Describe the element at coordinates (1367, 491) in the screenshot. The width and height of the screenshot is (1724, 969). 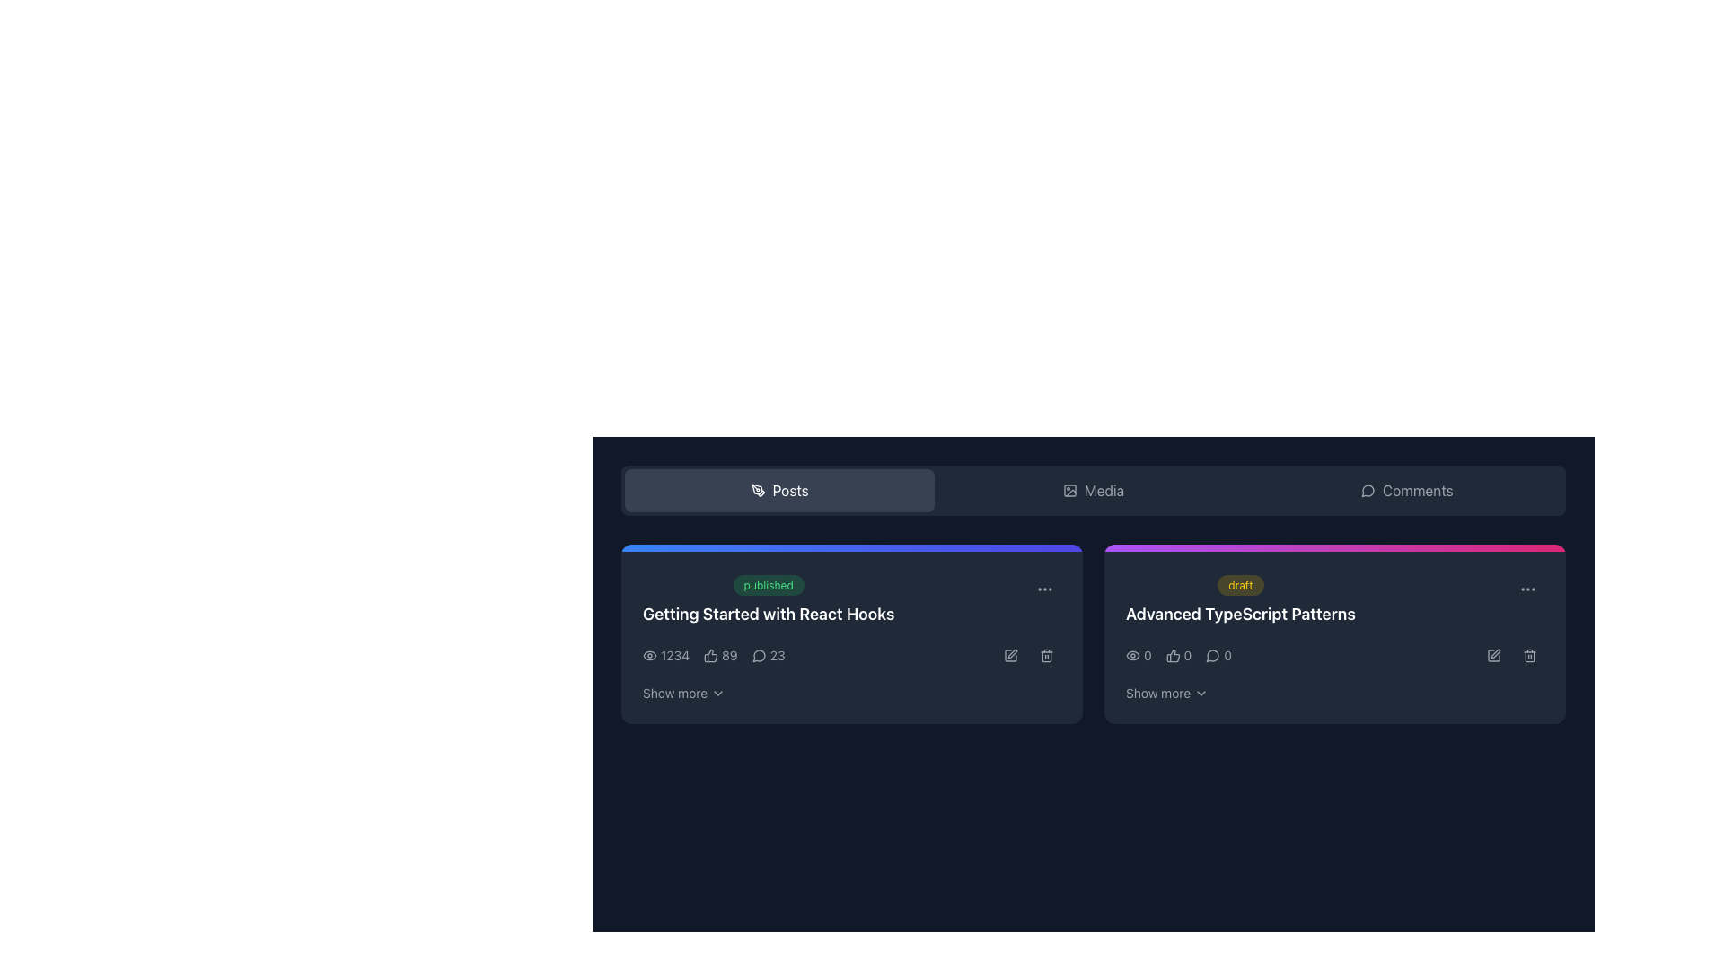
I see `the circular chat bubble icon` at that location.